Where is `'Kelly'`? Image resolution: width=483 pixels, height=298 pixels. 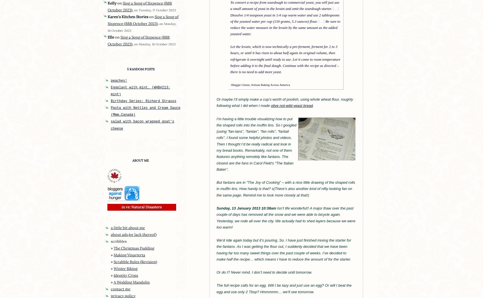 'Kelly' is located at coordinates (112, 3).